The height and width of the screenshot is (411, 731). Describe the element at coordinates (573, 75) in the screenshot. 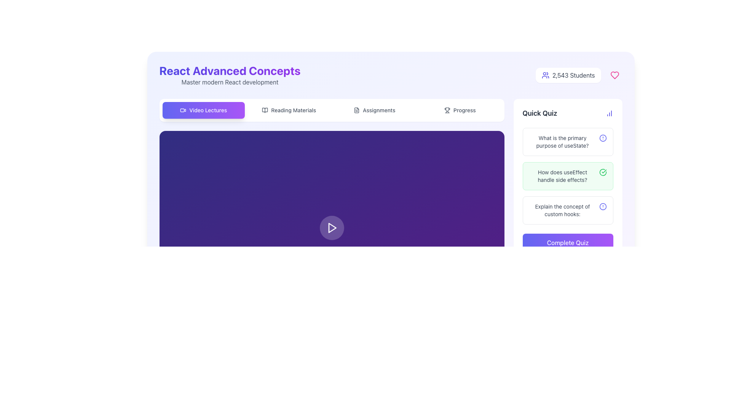

I see `the Static Text Label displaying the number of students associated with the content or course, located in the top right section of the interface, inside a white rounded rectangle` at that location.